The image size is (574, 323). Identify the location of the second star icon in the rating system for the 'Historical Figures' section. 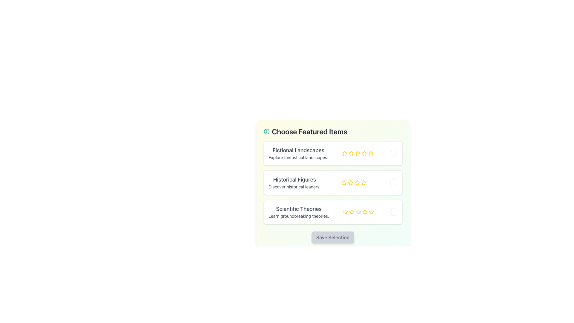
(364, 182).